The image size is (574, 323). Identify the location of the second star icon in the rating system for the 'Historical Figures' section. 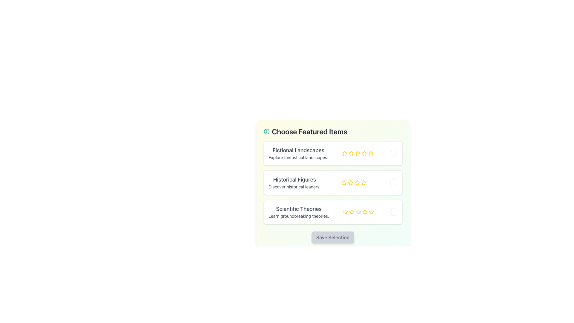
(364, 182).